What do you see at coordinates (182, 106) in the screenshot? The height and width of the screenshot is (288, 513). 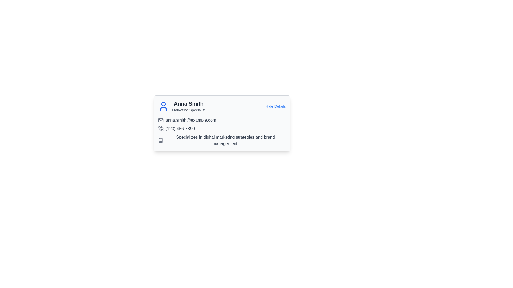 I see `the Profile display header that shows 'Anna Smith' and 'Marketing Specialist' with a user outline icon on the left` at bounding box center [182, 106].